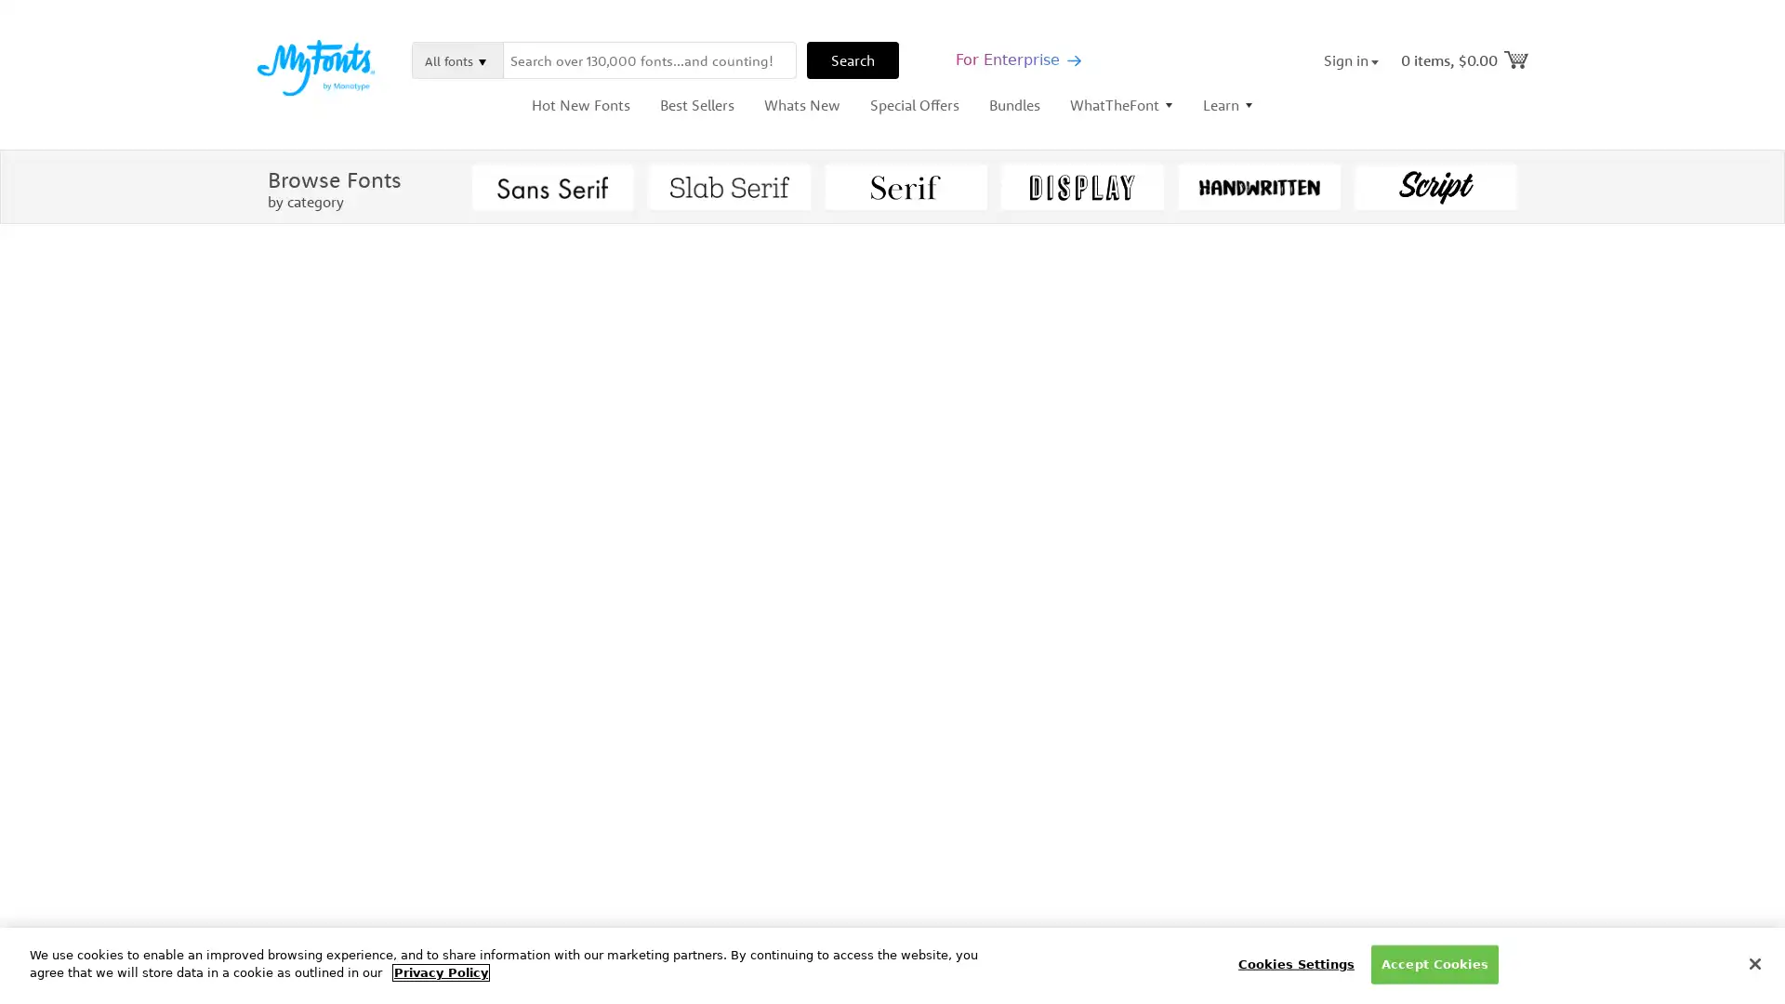  What do you see at coordinates (457, 59) in the screenshot?
I see `All fonts` at bounding box center [457, 59].